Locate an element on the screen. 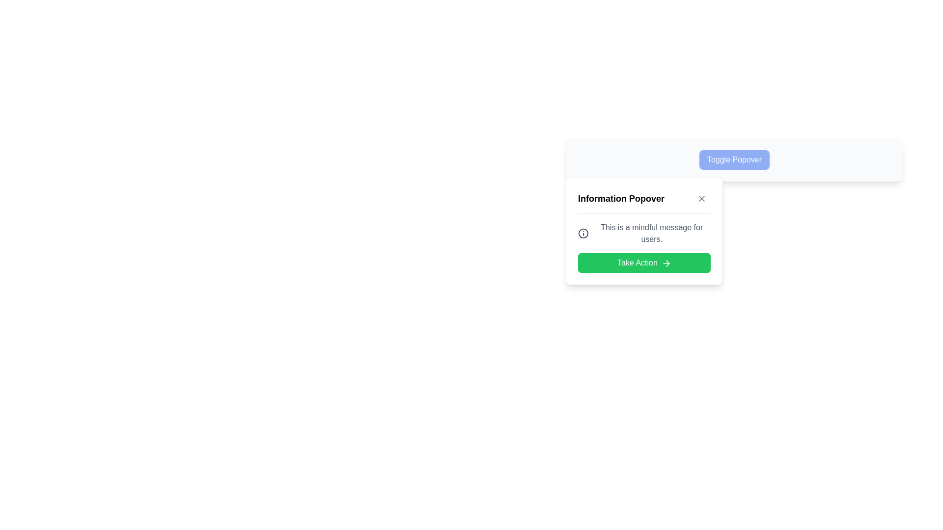  static text message, 'This is a mindful message for users.', which is styled in gray and located in a popover interface above the 'Take Action' button is located at coordinates (652, 233).